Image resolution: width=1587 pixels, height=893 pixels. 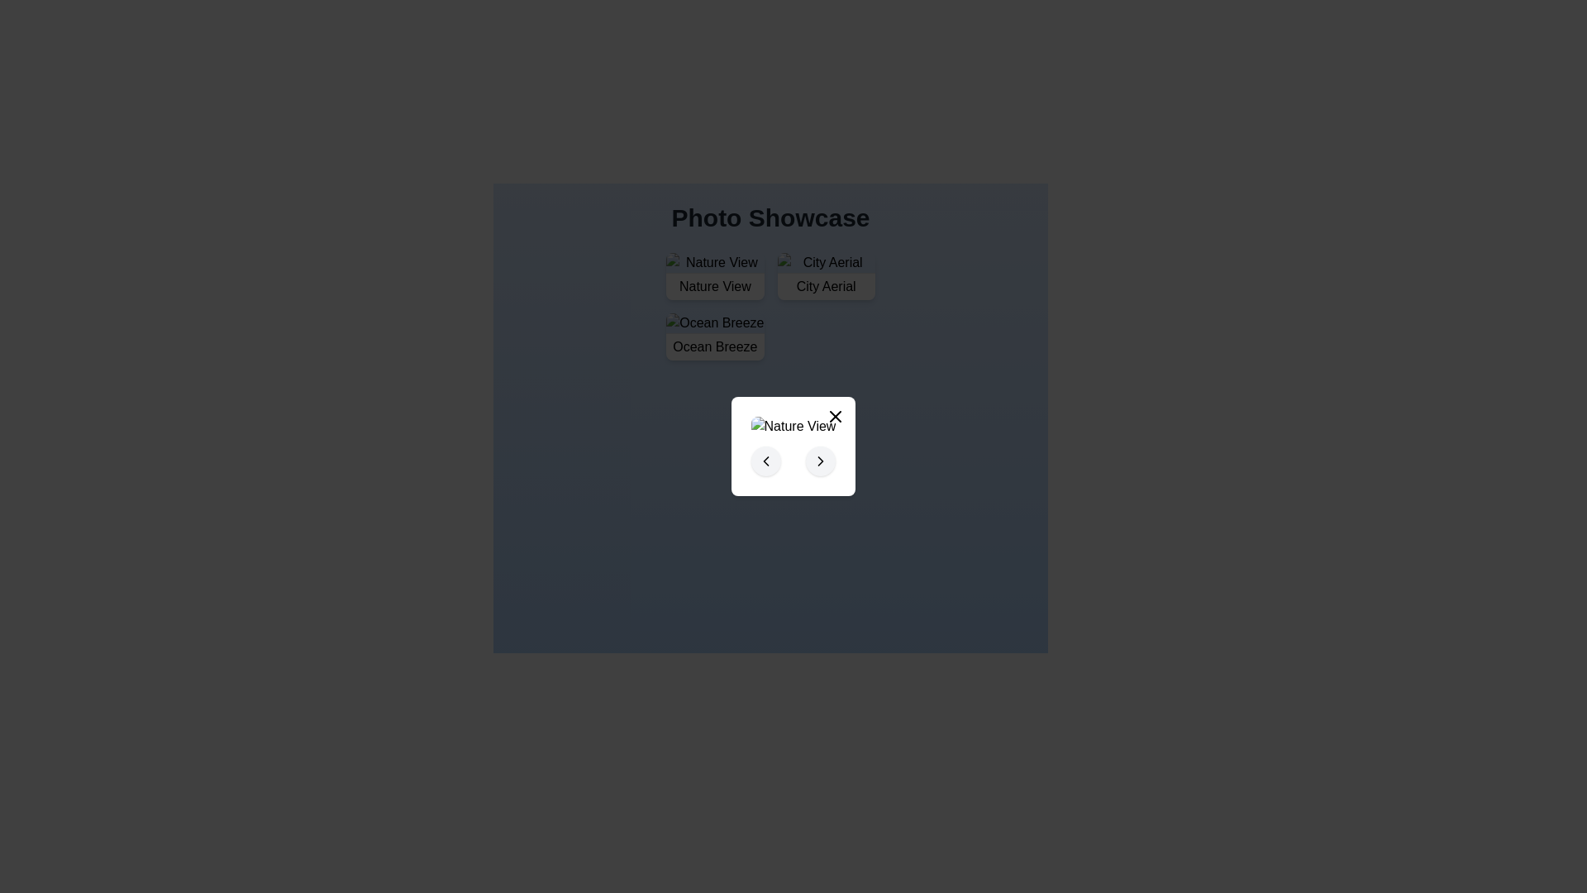 I want to click on the 'Ocean Breeze' card element to visualize its dynamic styles, which is located in the third position of the grid layout, below 'Nature View' and to the left of 'City Aerial', so click(x=715, y=336).